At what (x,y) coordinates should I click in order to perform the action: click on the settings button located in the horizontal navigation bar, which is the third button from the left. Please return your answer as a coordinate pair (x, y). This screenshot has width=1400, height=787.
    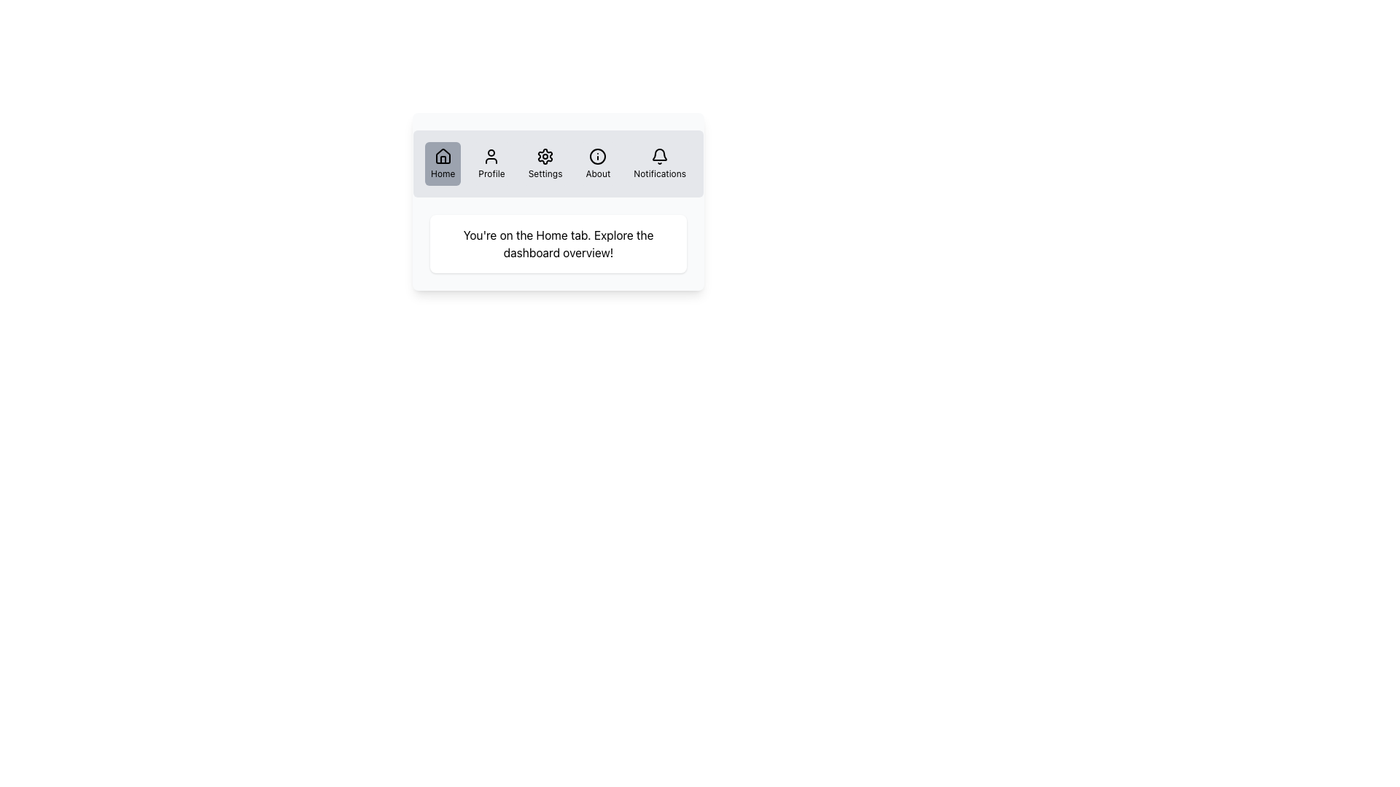
    Looking at the image, I should click on (545, 163).